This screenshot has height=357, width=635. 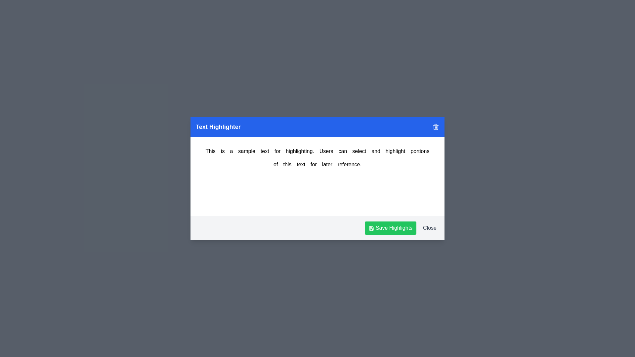 What do you see at coordinates (246, 151) in the screenshot?
I see `the word 'sample' by clicking on it` at bounding box center [246, 151].